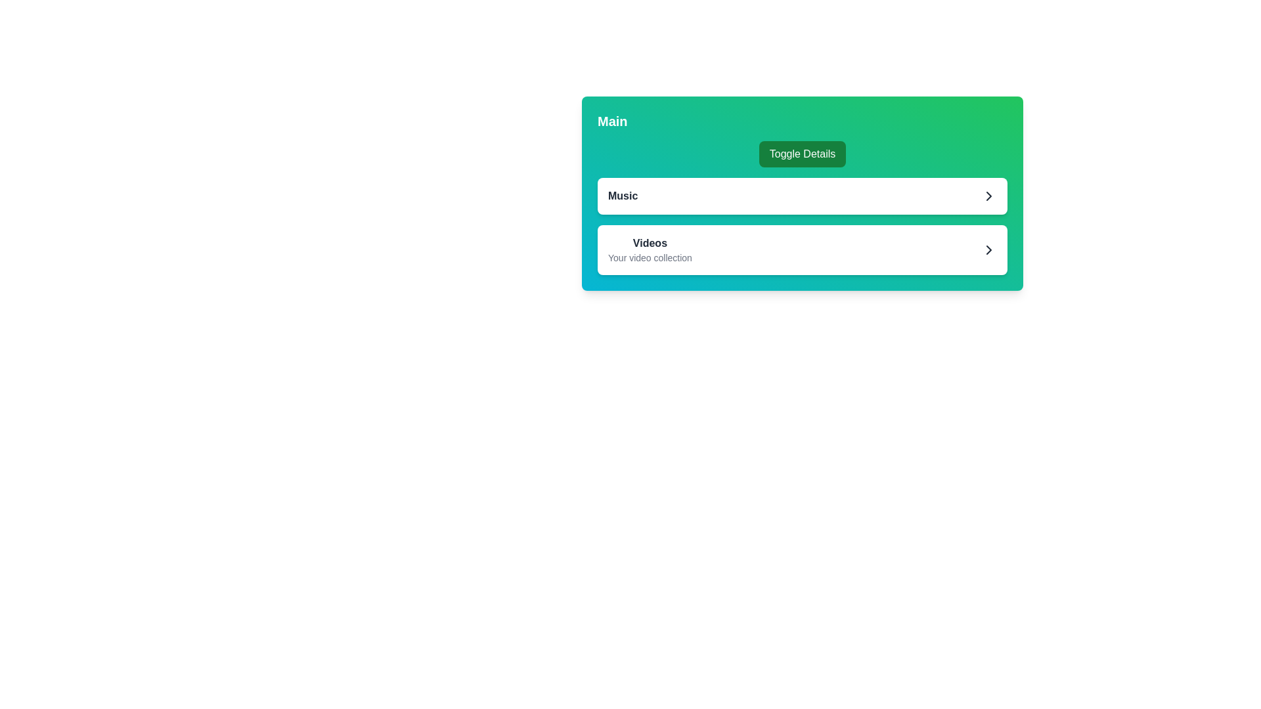 This screenshot has width=1261, height=709. I want to click on the 'Music' label located on the left side of the white box within the green gradient panel, which is the leftmost element next to the chevron icon, so click(622, 196).